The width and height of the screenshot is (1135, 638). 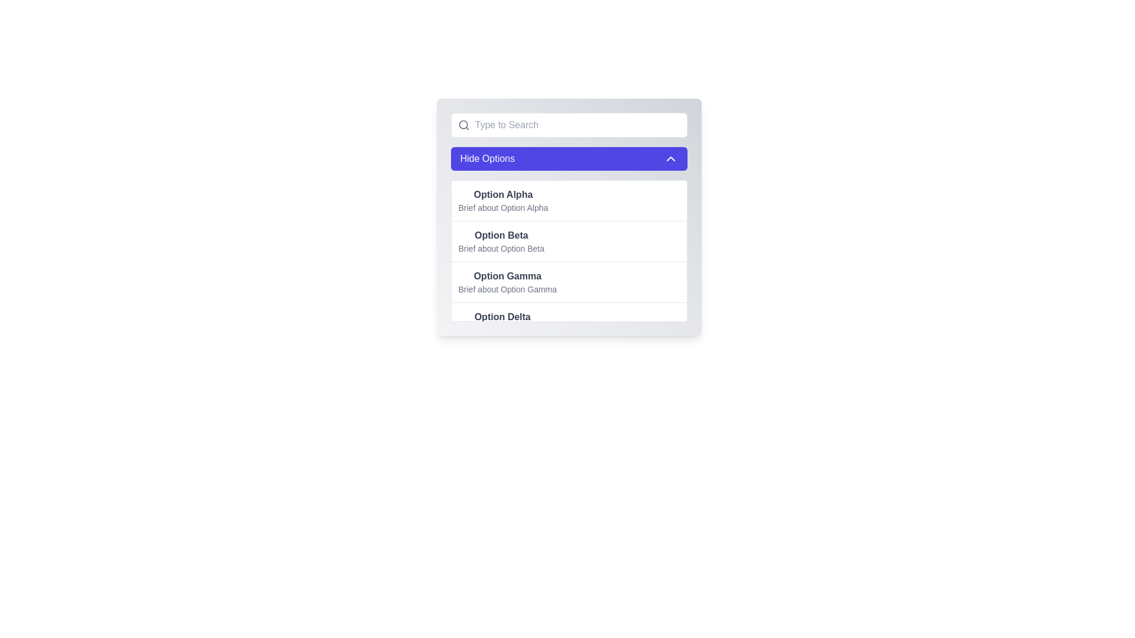 What do you see at coordinates (507, 289) in the screenshot?
I see `the label reading 'Brief about Option Gamma' located directly beneath the primary text 'Option Gamma' in the dropdown menu titled 'Hide Options.'` at bounding box center [507, 289].